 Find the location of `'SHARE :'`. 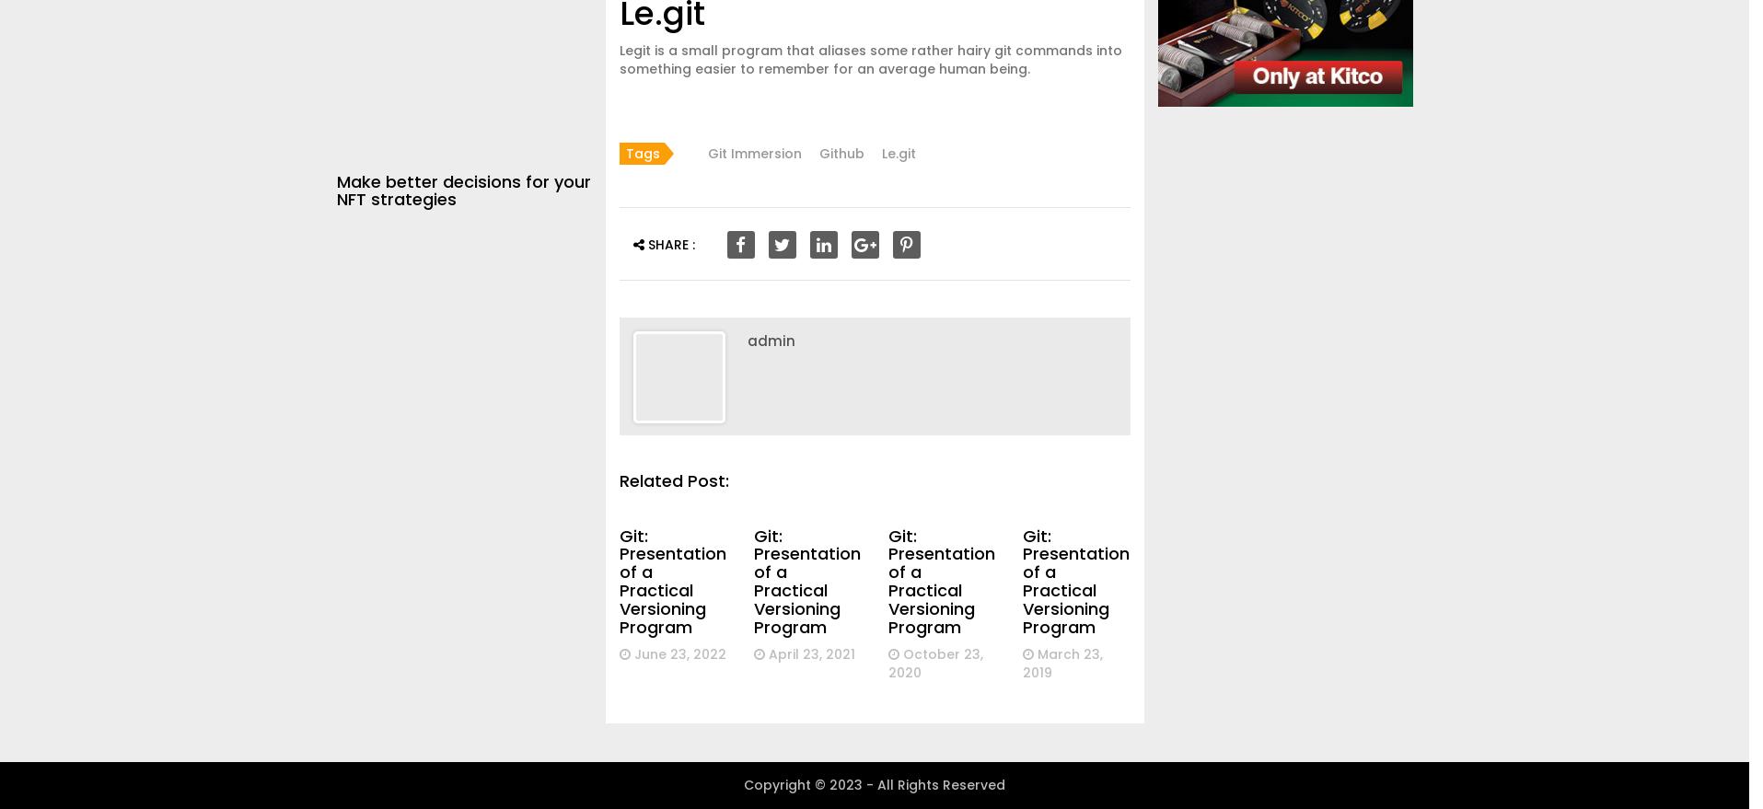

'SHARE :' is located at coordinates (667, 243).